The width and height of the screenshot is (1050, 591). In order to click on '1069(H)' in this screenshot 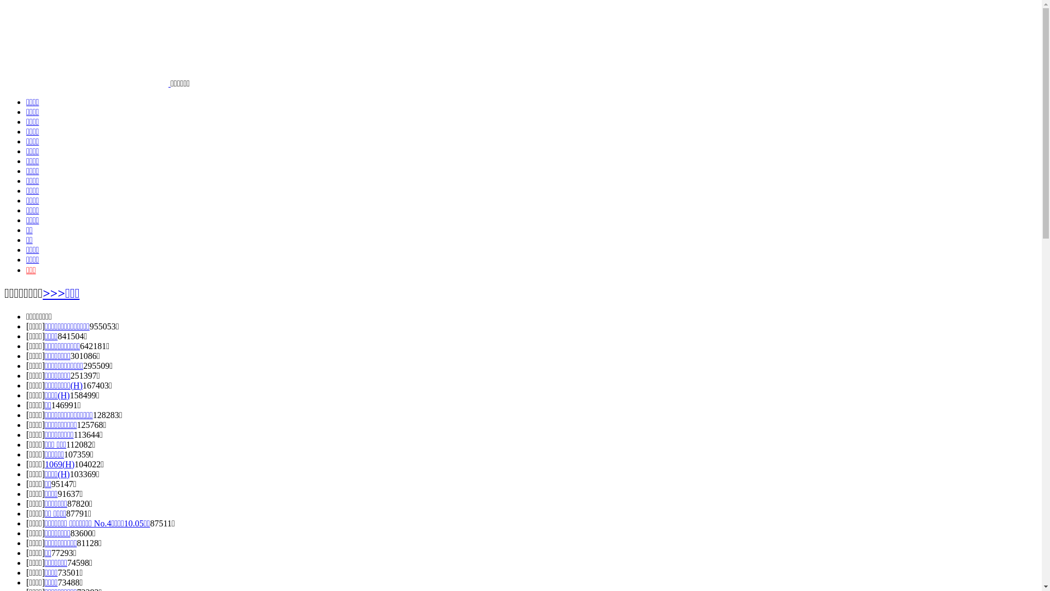, I will do `click(59, 464)`.